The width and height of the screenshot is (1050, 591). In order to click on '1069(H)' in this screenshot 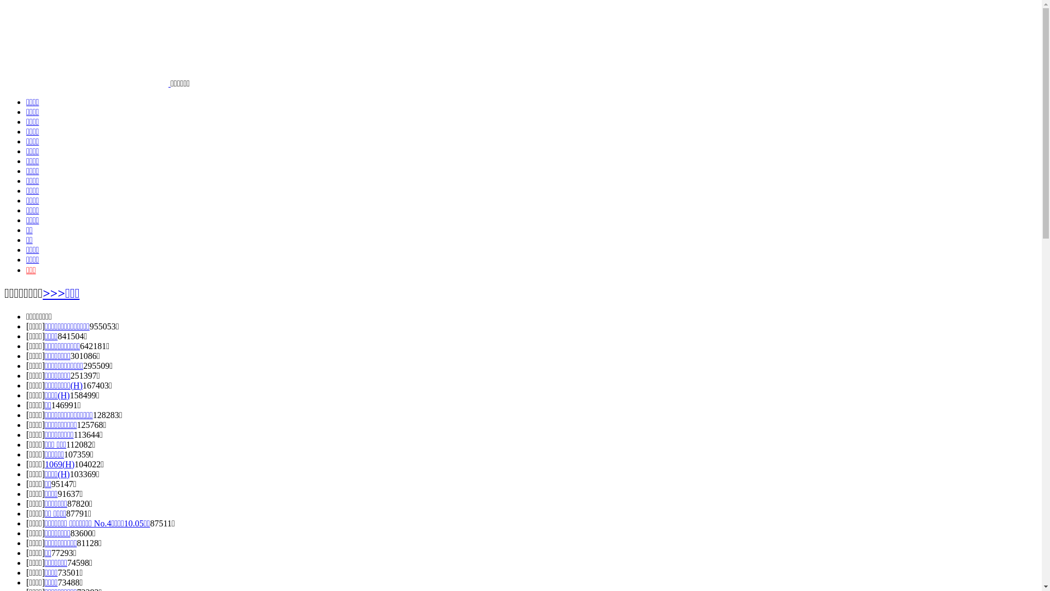, I will do `click(59, 464)`.